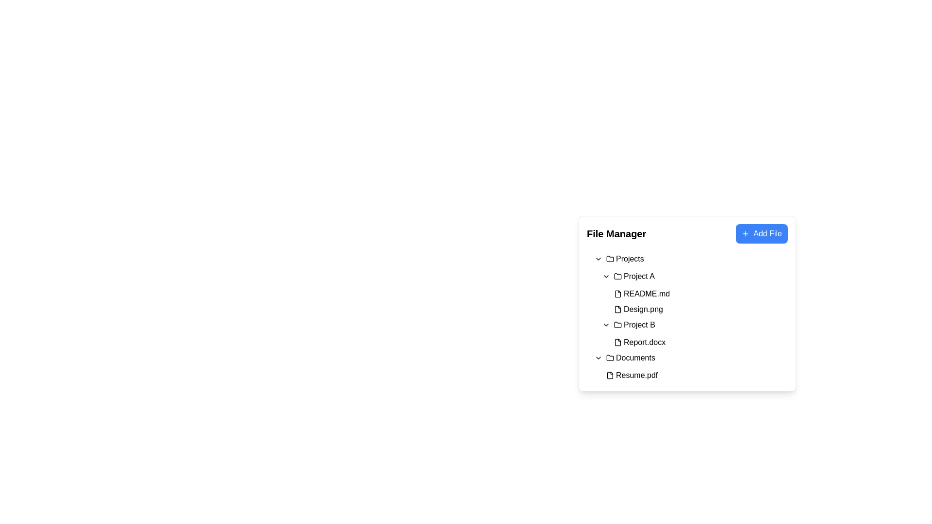 The height and width of the screenshot is (524, 932). Describe the element at coordinates (617, 325) in the screenshot. I see `the small folder icon that is positioned to the left of the text label 'Project B' in the 'File Manager' component, located in the upper right quadrant of the interface` at that location.